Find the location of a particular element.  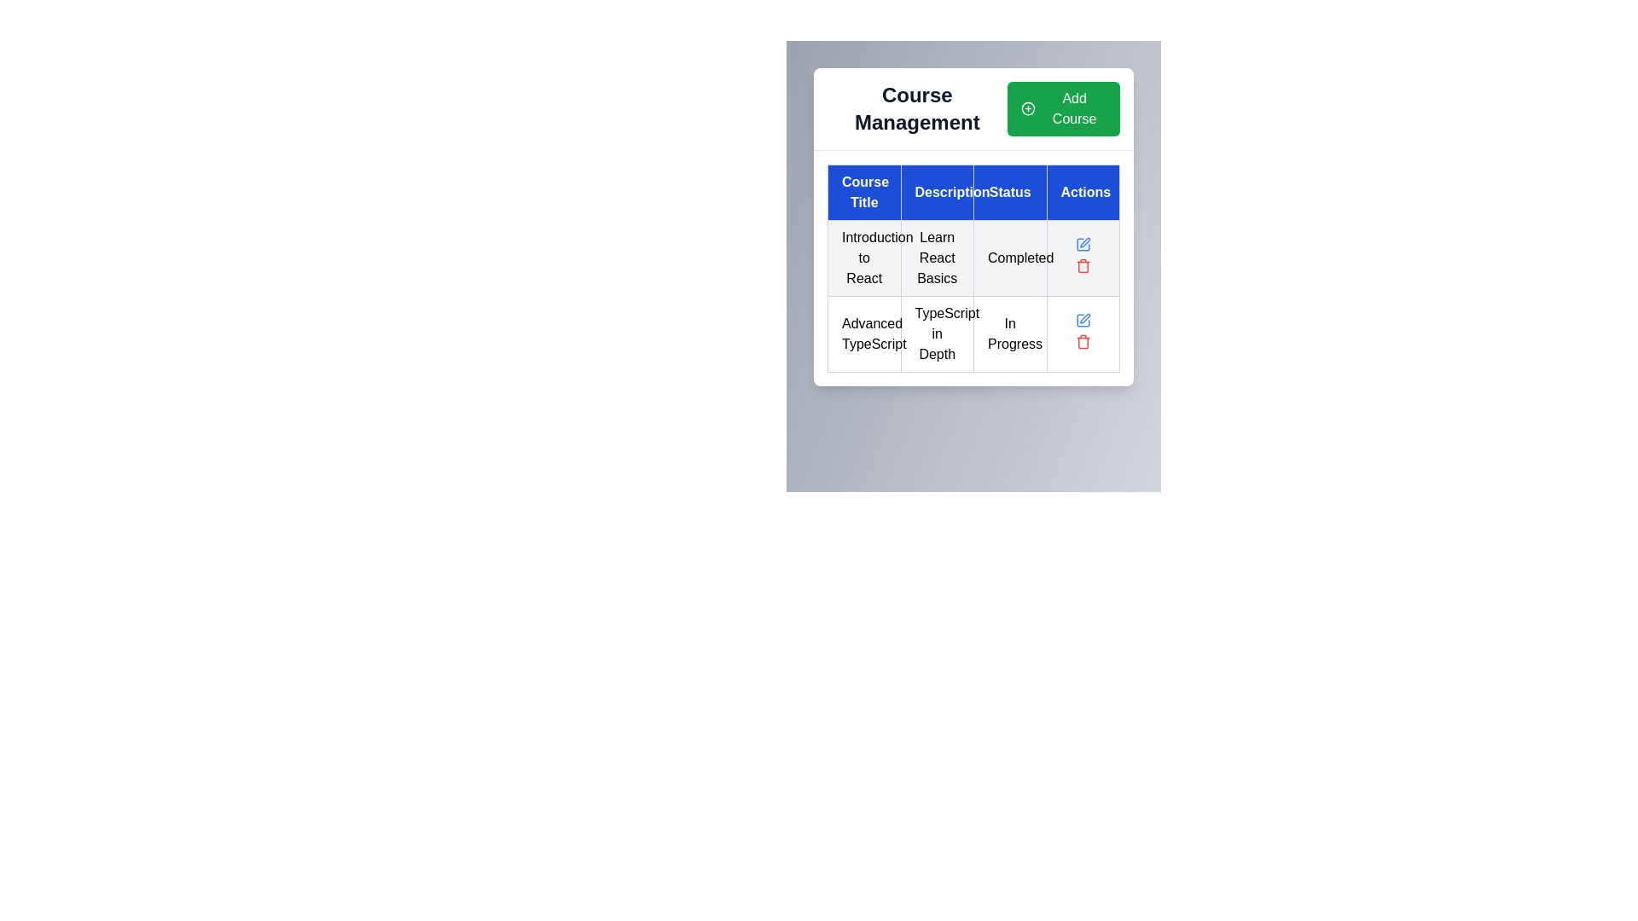

the edit button (icon-based) in the 'Actions' column of the table for the 'Advanced TypeScript' row to initiate the edit action is located at coordinates (1082, 320).